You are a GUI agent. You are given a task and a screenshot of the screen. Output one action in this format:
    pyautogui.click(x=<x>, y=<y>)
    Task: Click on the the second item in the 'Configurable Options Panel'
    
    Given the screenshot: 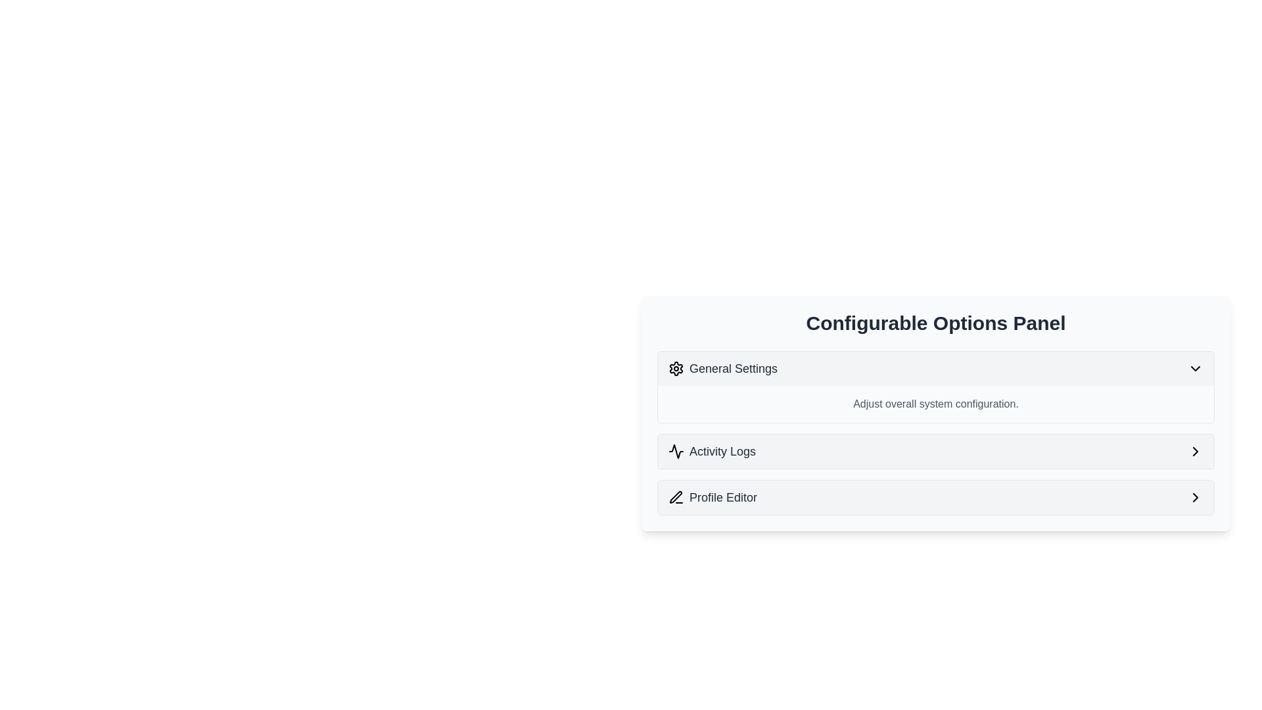 What is the action you would take?
    pyautogui.click(x=935, y=450)
    